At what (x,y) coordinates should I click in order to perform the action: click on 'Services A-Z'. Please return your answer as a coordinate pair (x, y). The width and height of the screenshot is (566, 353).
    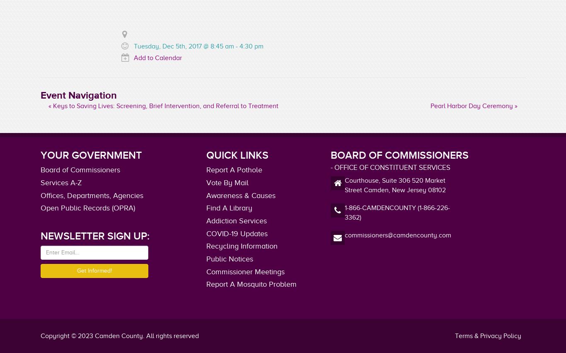
    Looking at the image, I should click on (60, 181).